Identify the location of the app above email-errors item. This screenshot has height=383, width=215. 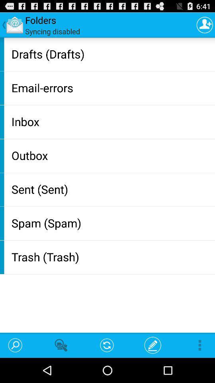
(111, 53).